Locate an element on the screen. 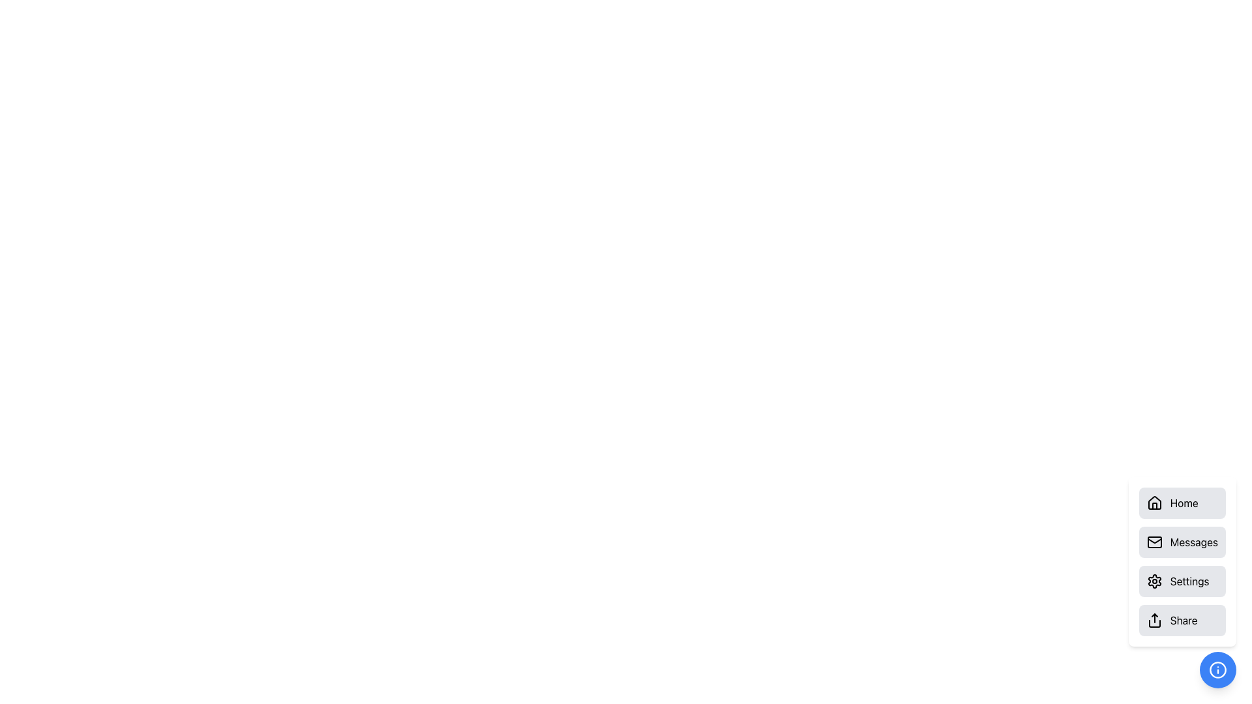 The height and width of the screenshot is (704, 1252). the cog-shaped icon button located as the third entry from the top in the vertical menu is located at coordinates (1154, 580).